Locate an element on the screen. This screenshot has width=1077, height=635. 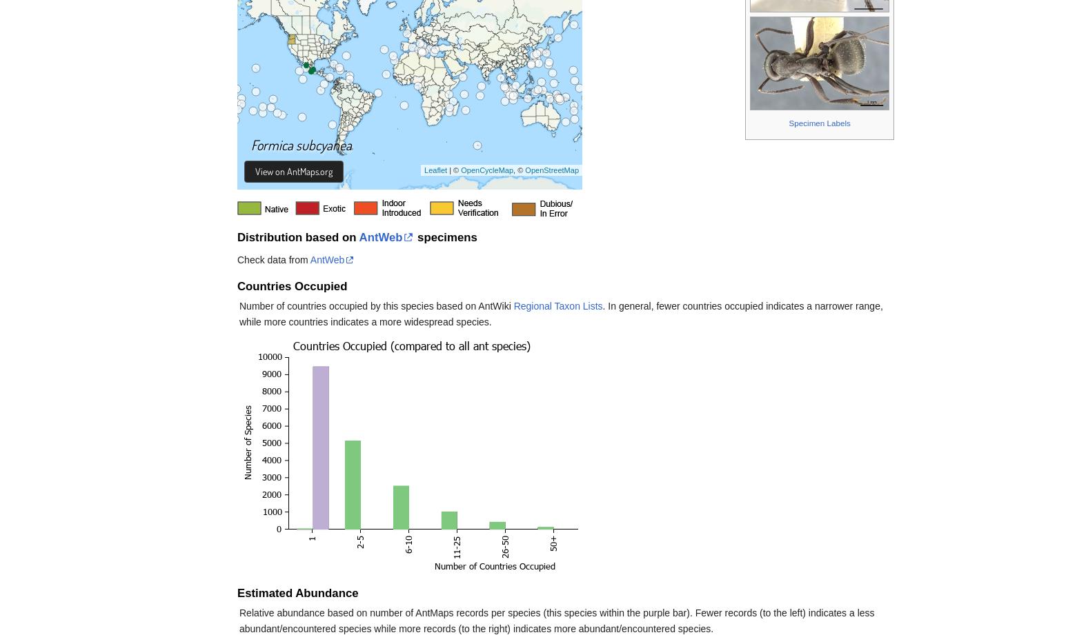
'. In general, fewer countries occupied indicates a narrower range, while more countries indicates a more widespread species.' is located at coordinates (560, 313).